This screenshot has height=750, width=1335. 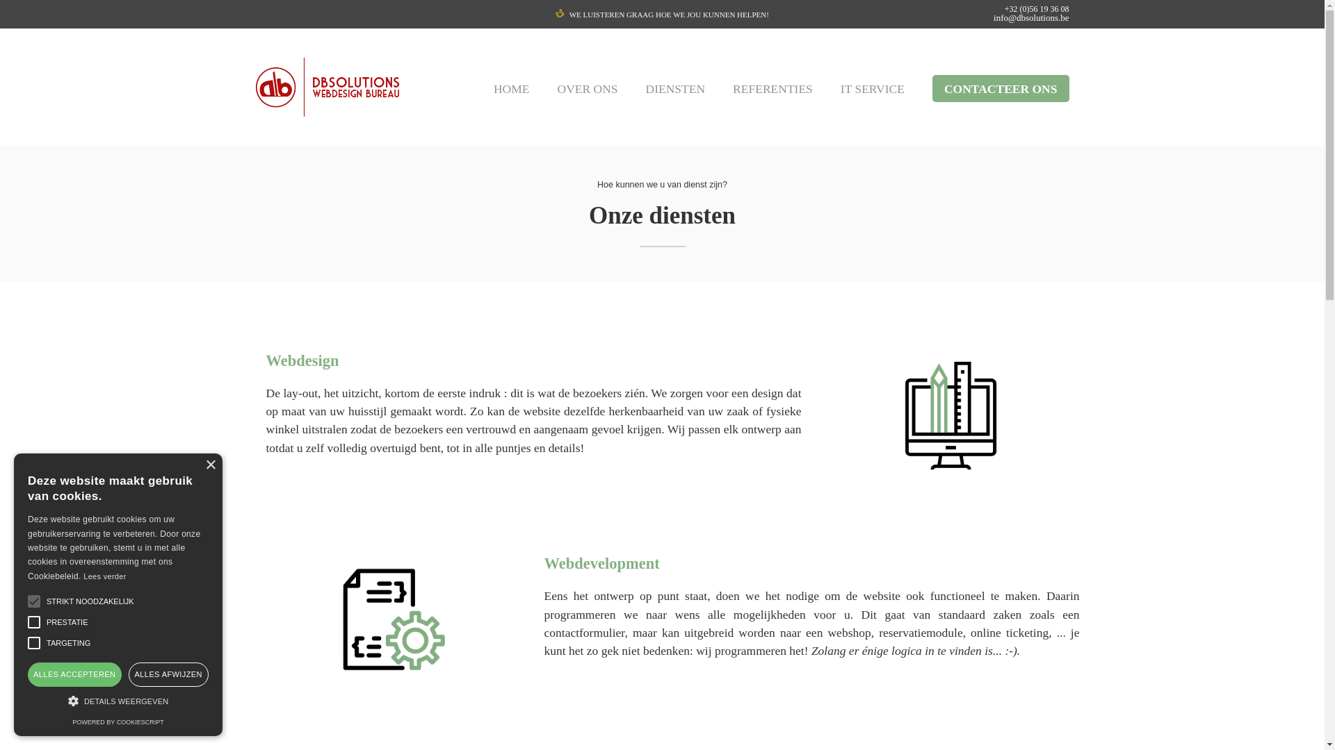 What do you see at coordinates (1037, 8) in the screenshot?
I see `'+32 (0)56 19 36 08'` at bounding box center [1037, 8].